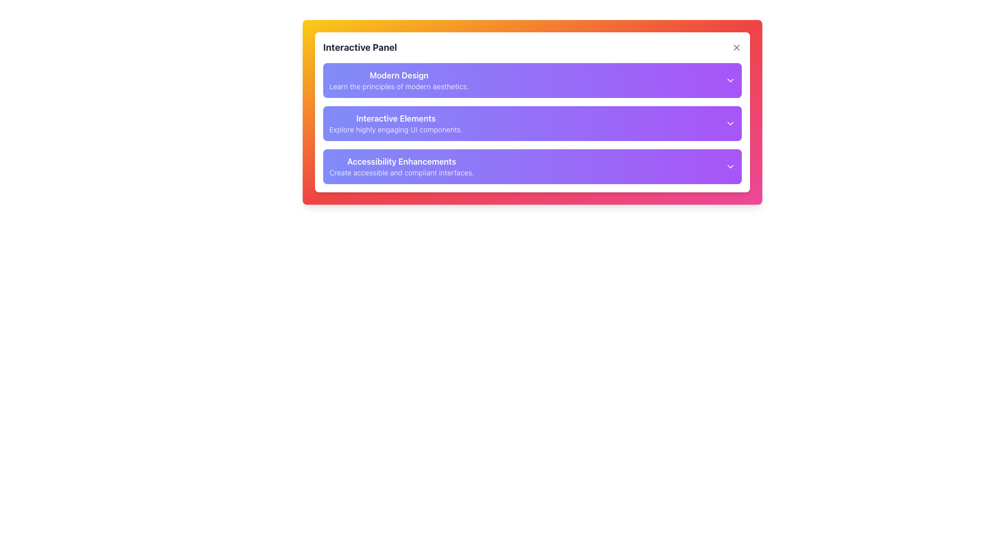 The image size is (985, 554). I want to click on the text label displaying 'Explore highly engaging UI components.' which is located below the title 'Interactive Elements' in the second section of the 'Interactive Panel.', so click(396, 129).